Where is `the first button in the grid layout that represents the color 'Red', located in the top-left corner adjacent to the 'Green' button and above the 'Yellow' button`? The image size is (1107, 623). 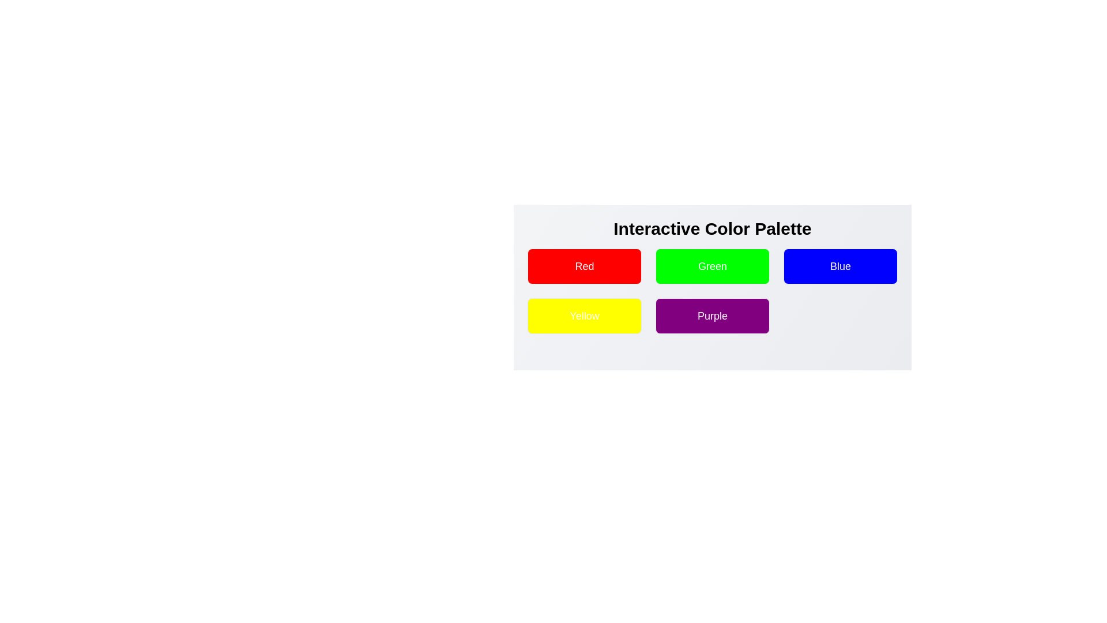 the first button in the grid layout that represents the color 'Red', located in the top-left corner adjacent to the 'Green' button and above the 'Yellow' button is located at coordinates (584, 267).